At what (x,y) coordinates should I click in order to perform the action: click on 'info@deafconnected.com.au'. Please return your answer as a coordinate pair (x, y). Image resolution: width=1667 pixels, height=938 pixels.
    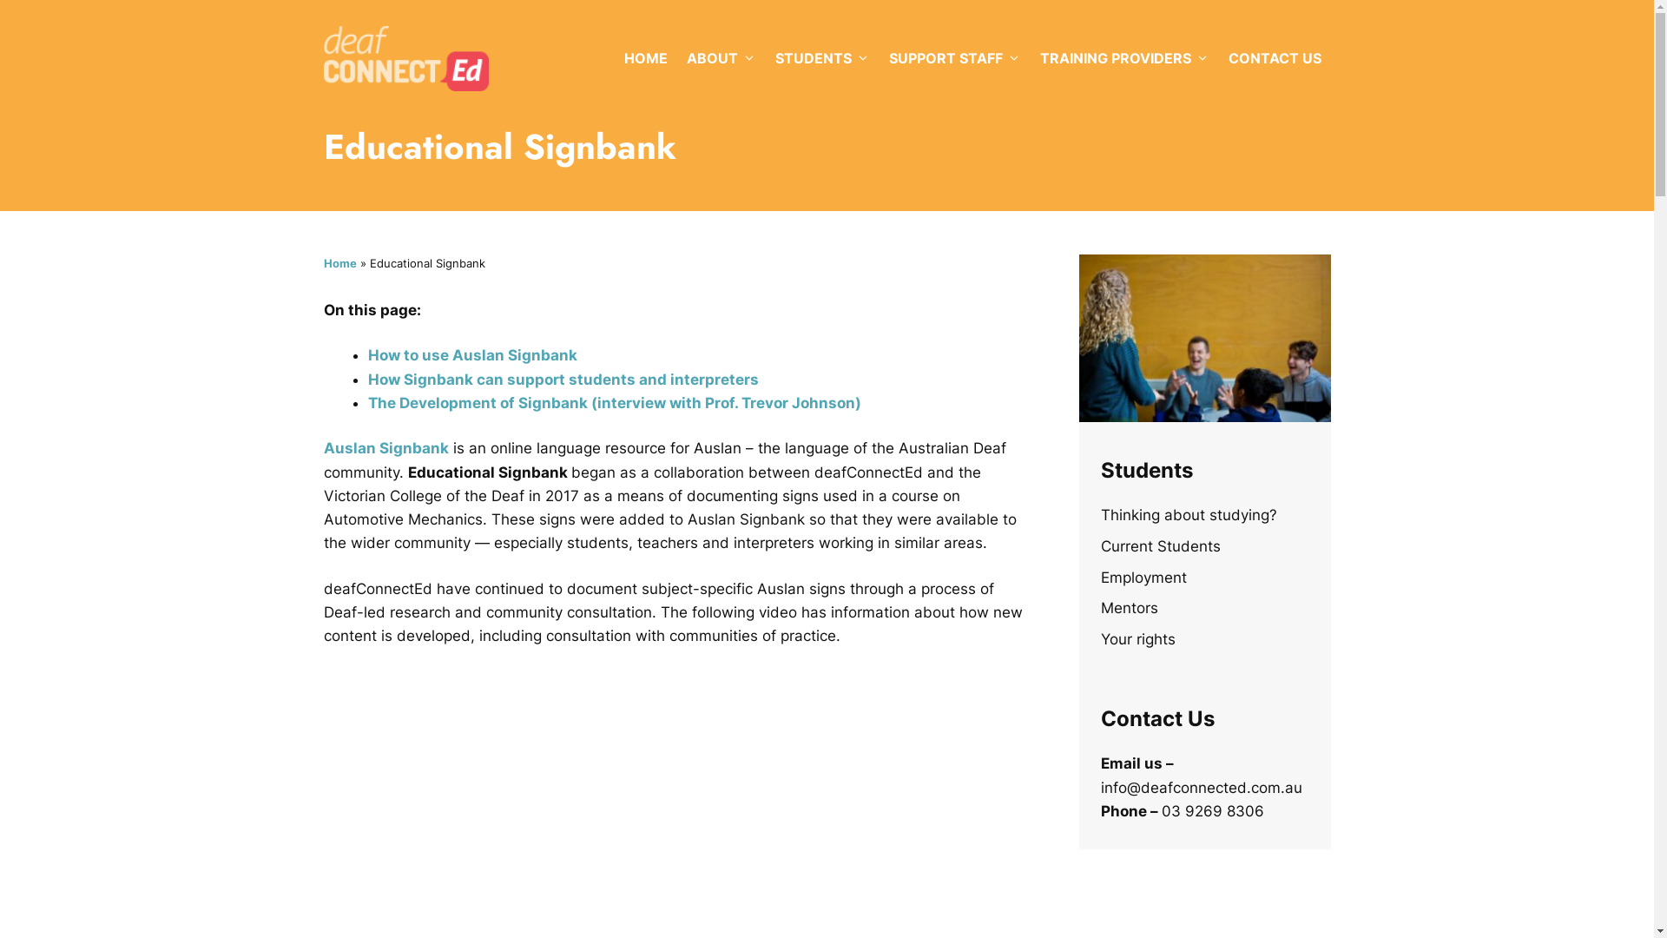
    Looking at the image, I should click on (1200, 787).